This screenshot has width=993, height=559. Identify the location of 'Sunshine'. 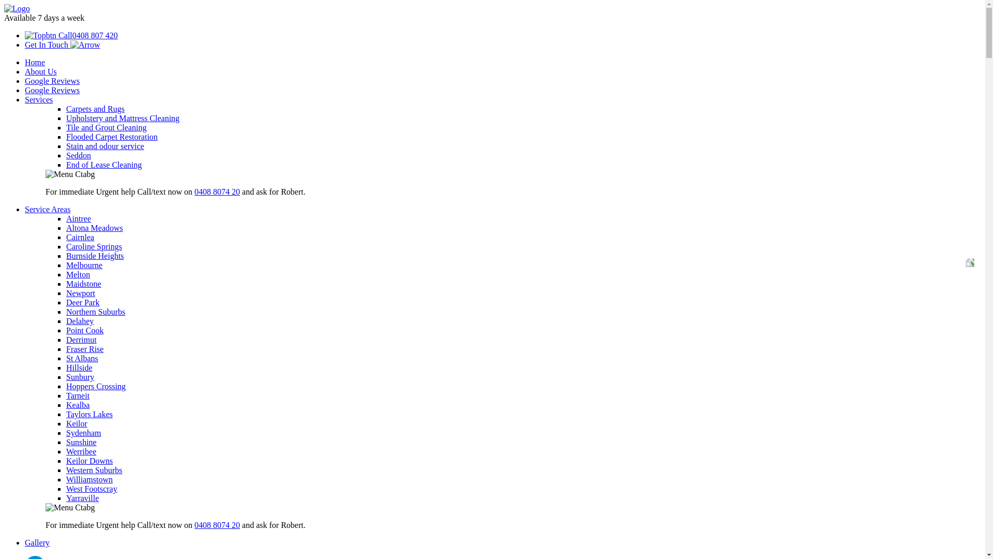
(81, 442).